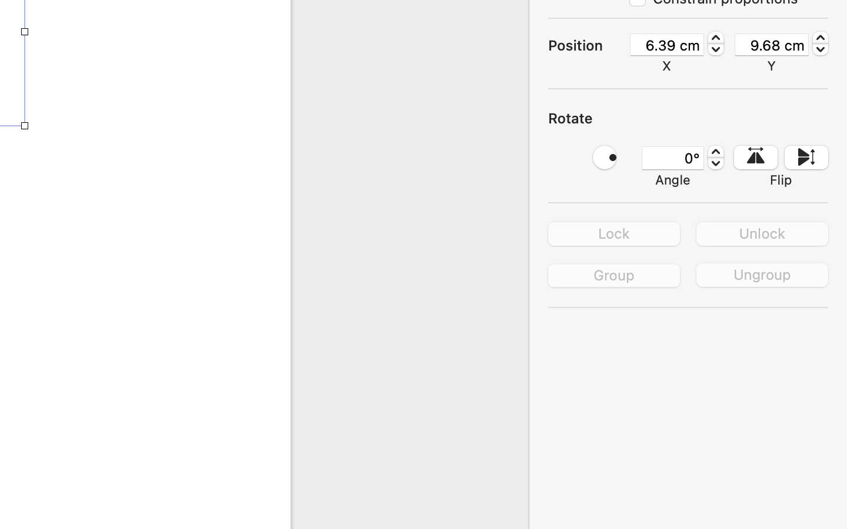 The image size is (847, 529). I want to click on 'X', so click(666, 65).